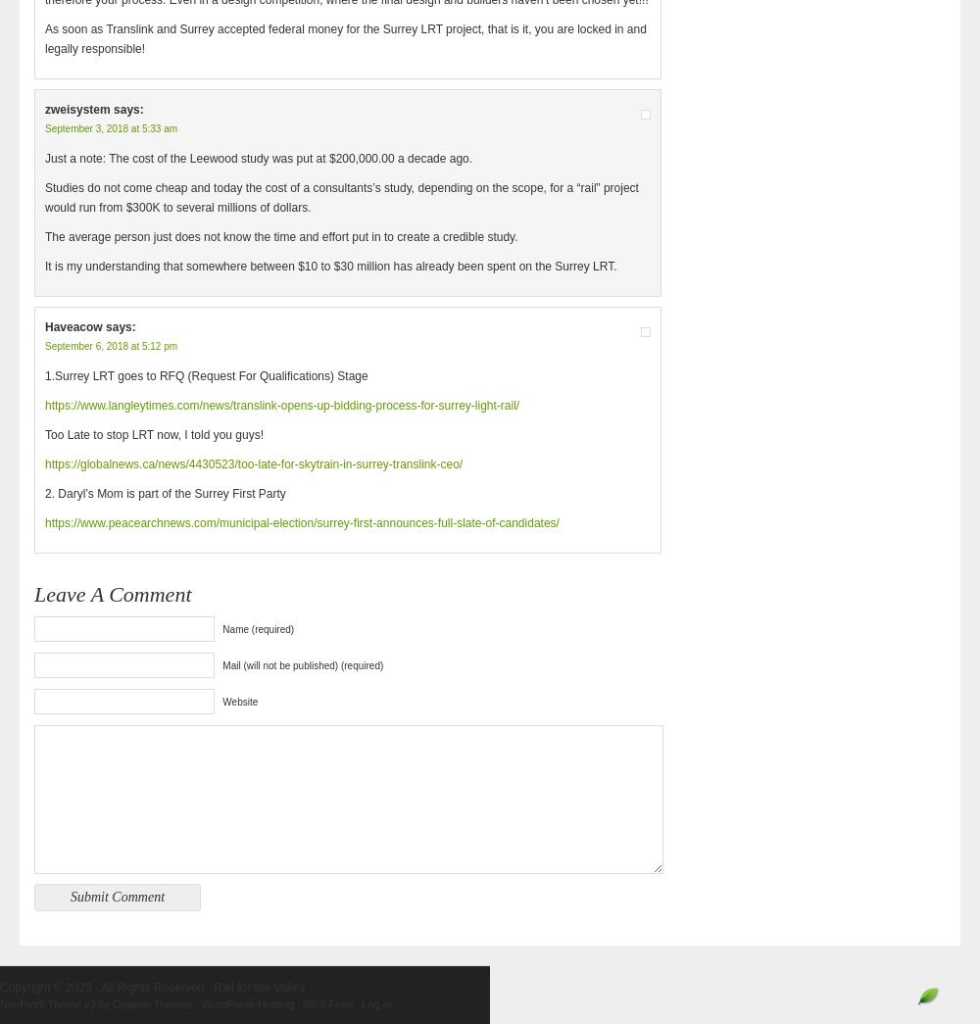  I want to click on 'WordPress Hosting', so click(247, 1004).